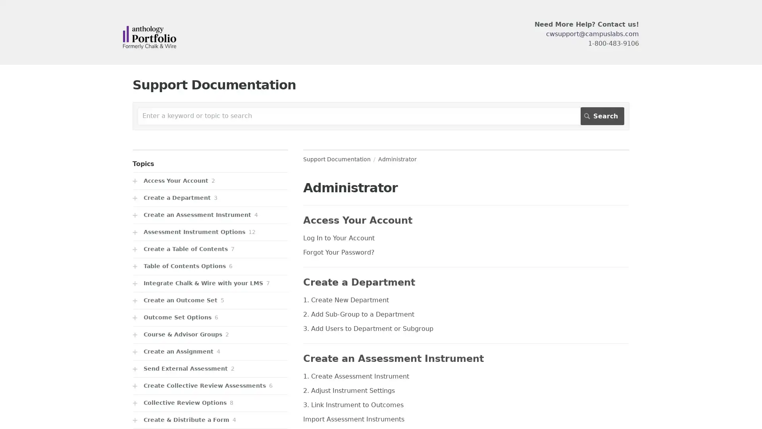 This screenshot has width=762, height=429. What do you see at coordinates (210, 385) in the screenshot?
I see `Create Collective Review Assessments 6` at bounding box center [210, 385].